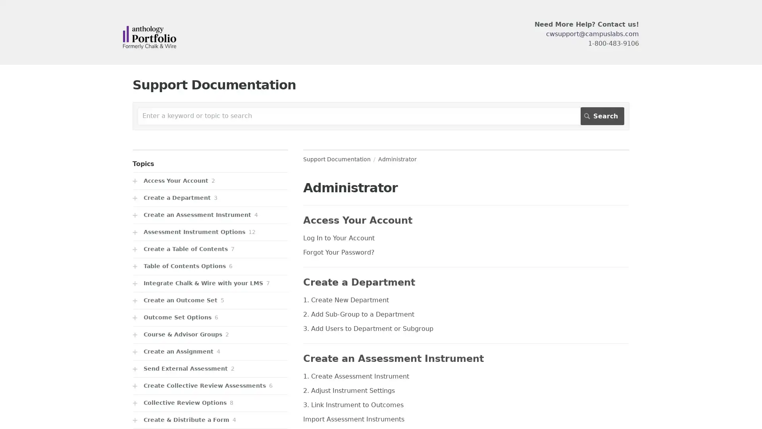 This screenshot has width=762, height=429. What do you see at coordinates (210, 385) in the screenshot?
I see `Create Collective Review Assessments 6` at bounding box center [210, 385].